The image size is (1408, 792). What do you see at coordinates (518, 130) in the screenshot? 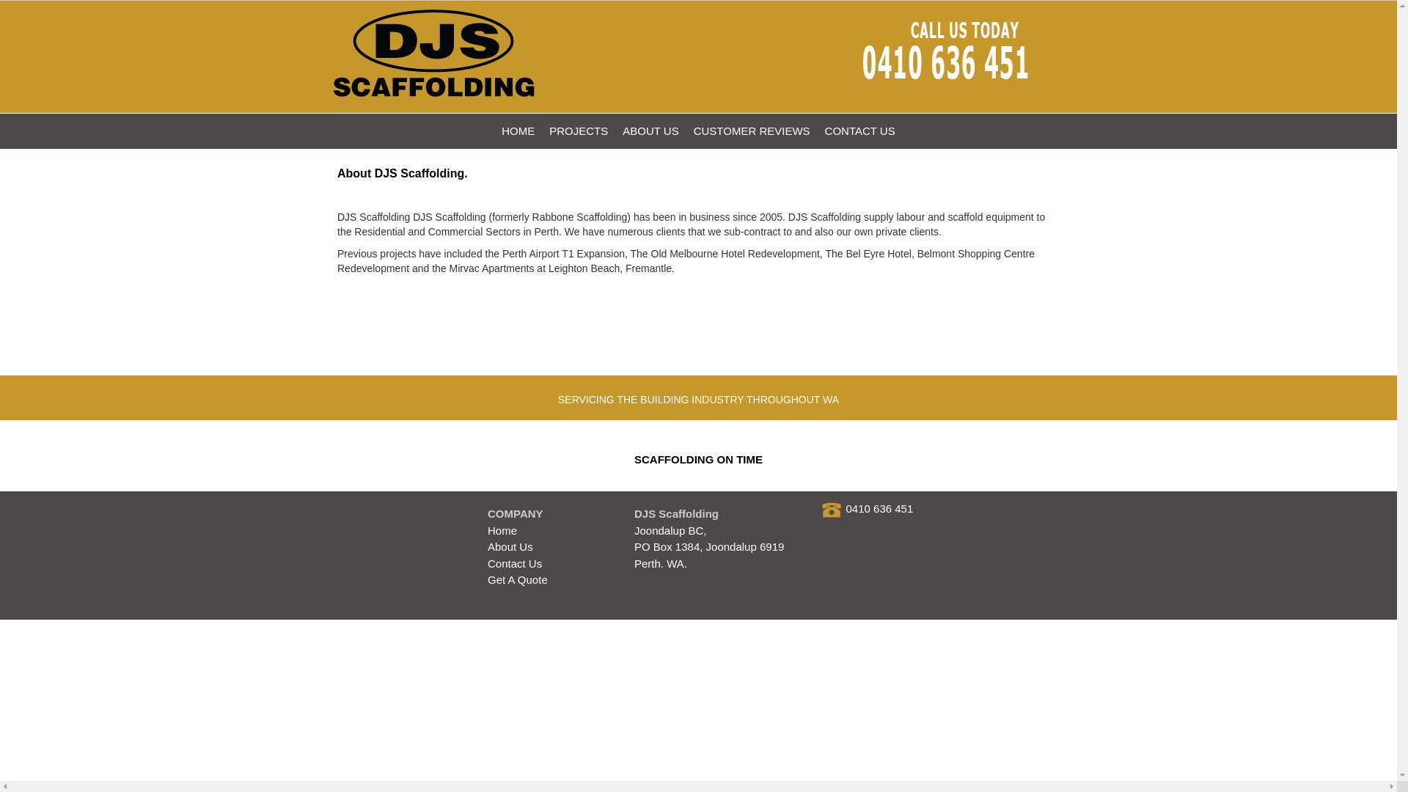
I see `'HOME'` at bounding box center [518, 130].